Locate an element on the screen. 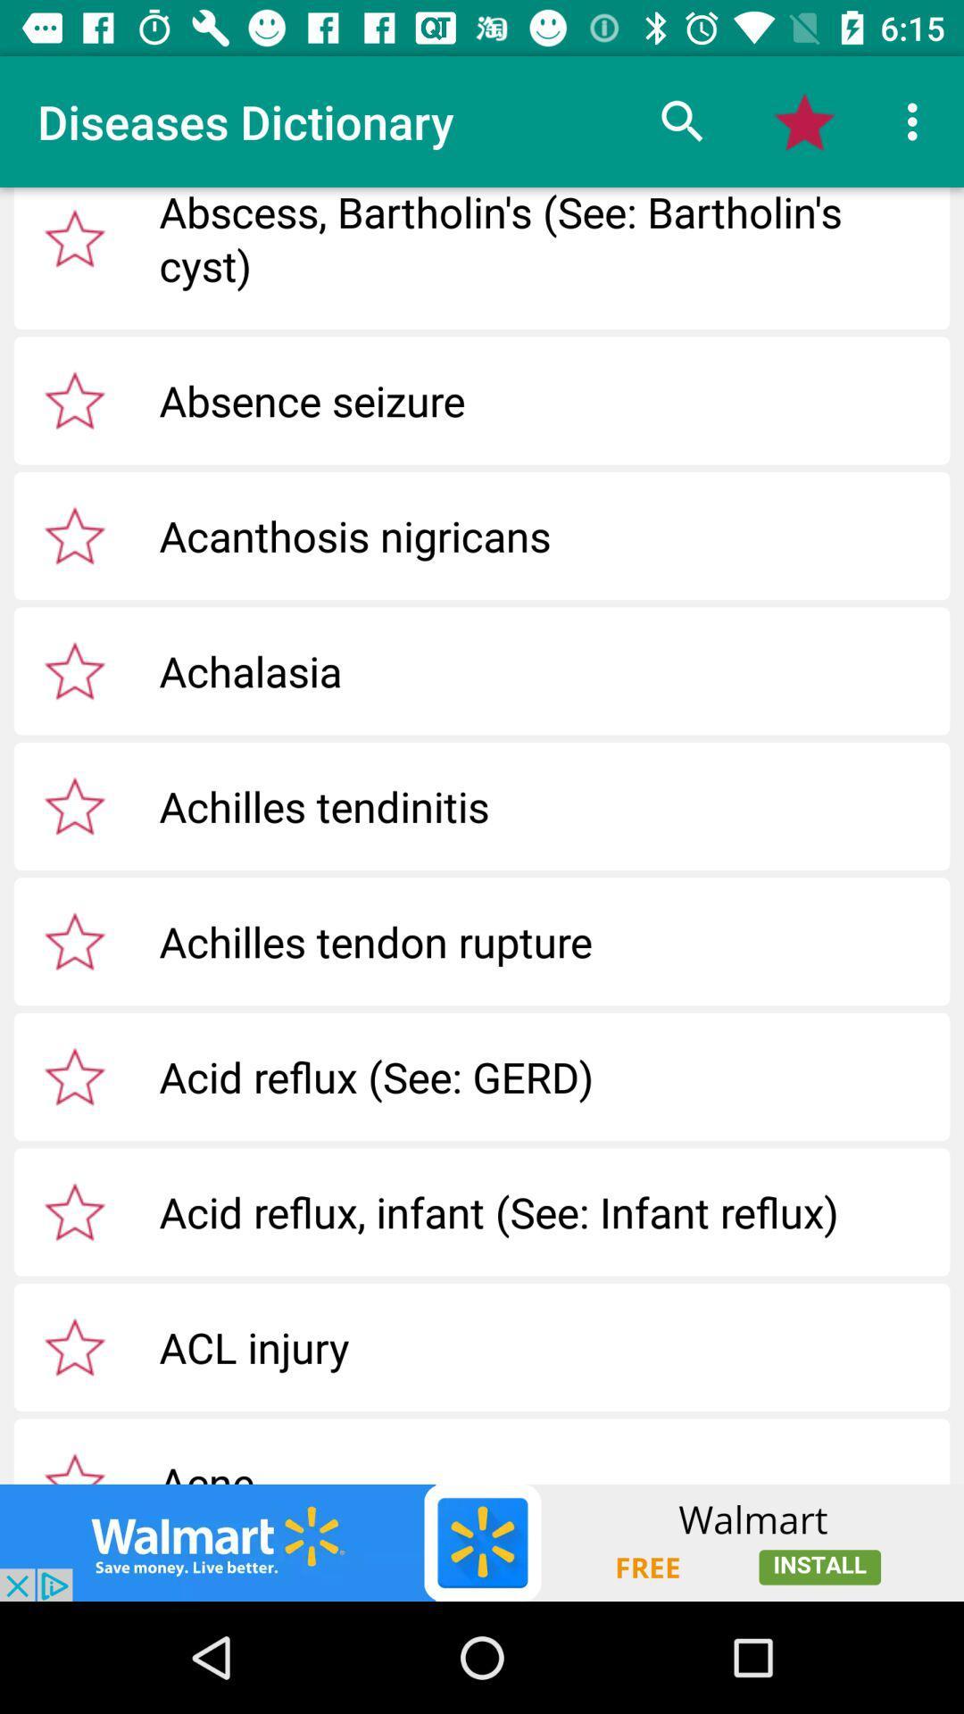  bookmark is located at coordinates (74, 535).